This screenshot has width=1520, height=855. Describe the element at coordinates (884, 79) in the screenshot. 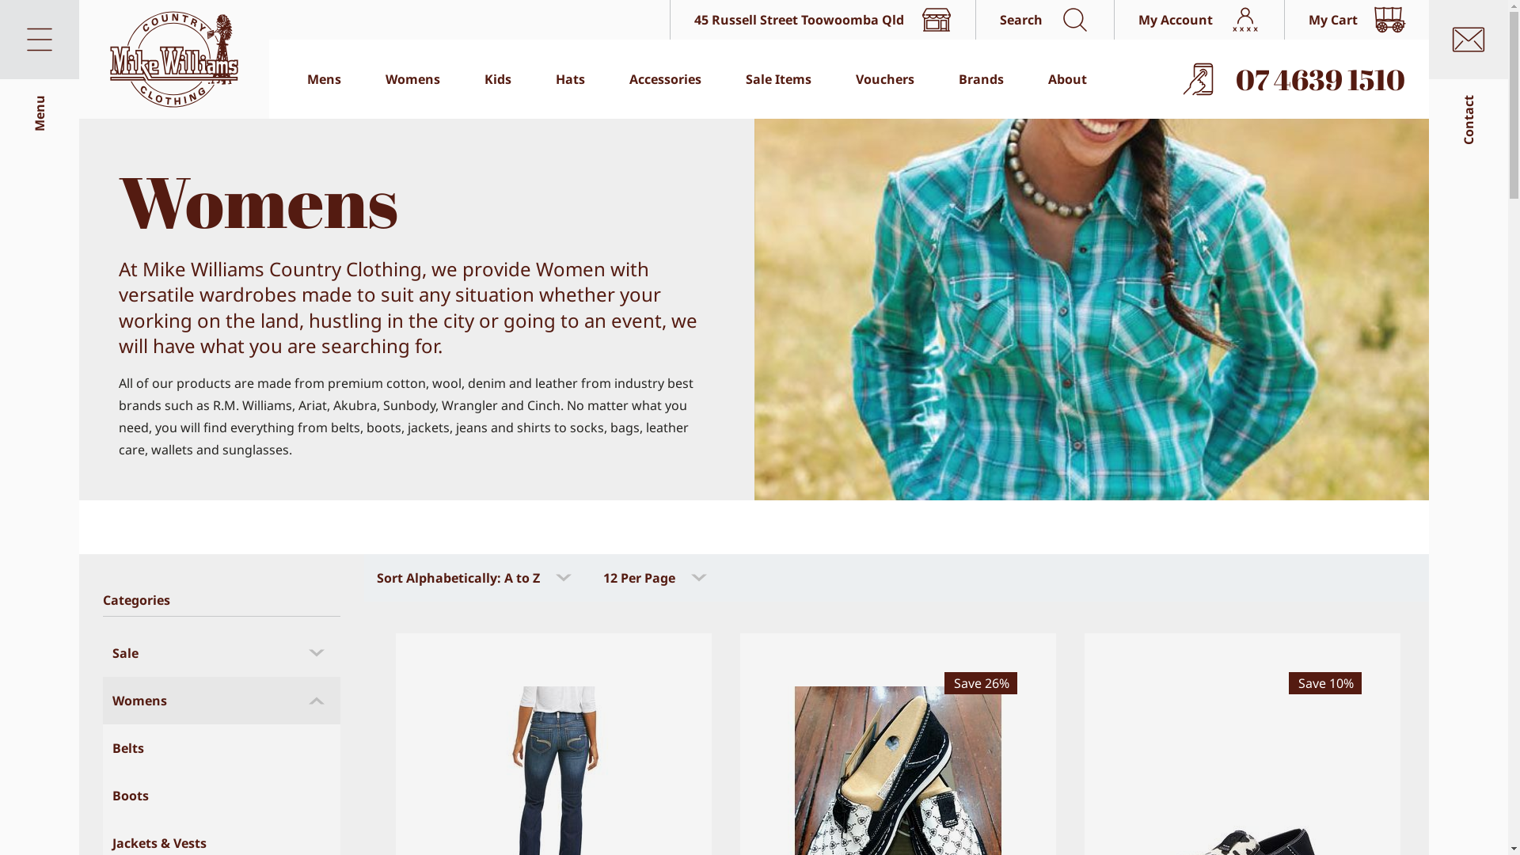

I see `'Vouchers'` at that location.